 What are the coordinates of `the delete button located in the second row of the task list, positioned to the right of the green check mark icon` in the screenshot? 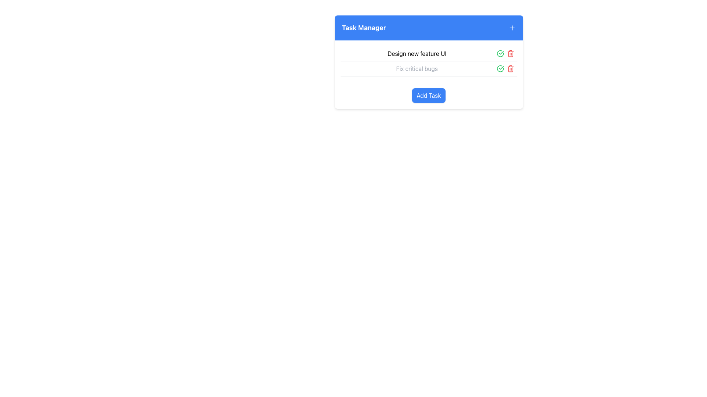 It's located at (510, 68).